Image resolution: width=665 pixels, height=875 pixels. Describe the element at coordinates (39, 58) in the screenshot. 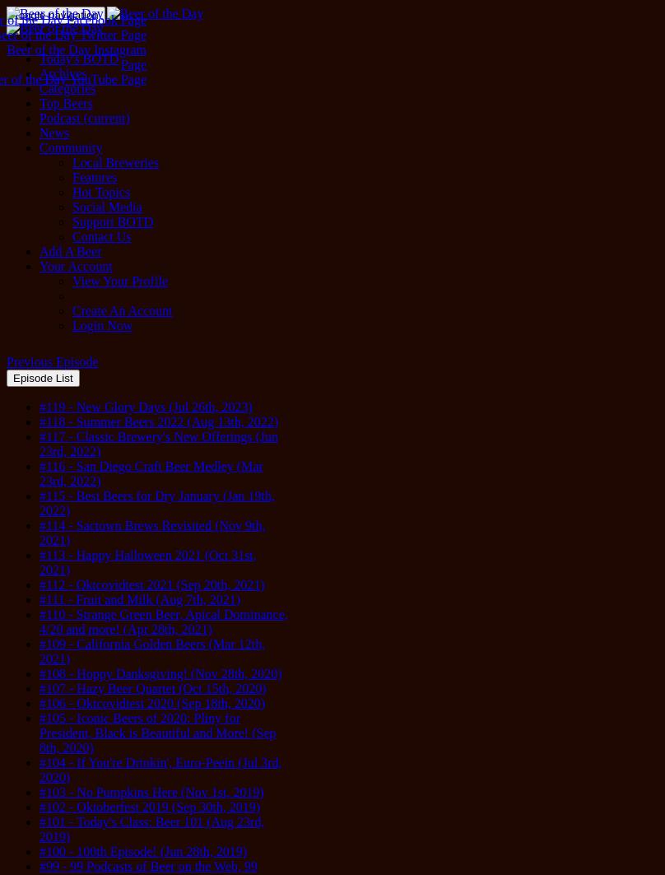

I see `'Today's BOTD'` at that location.